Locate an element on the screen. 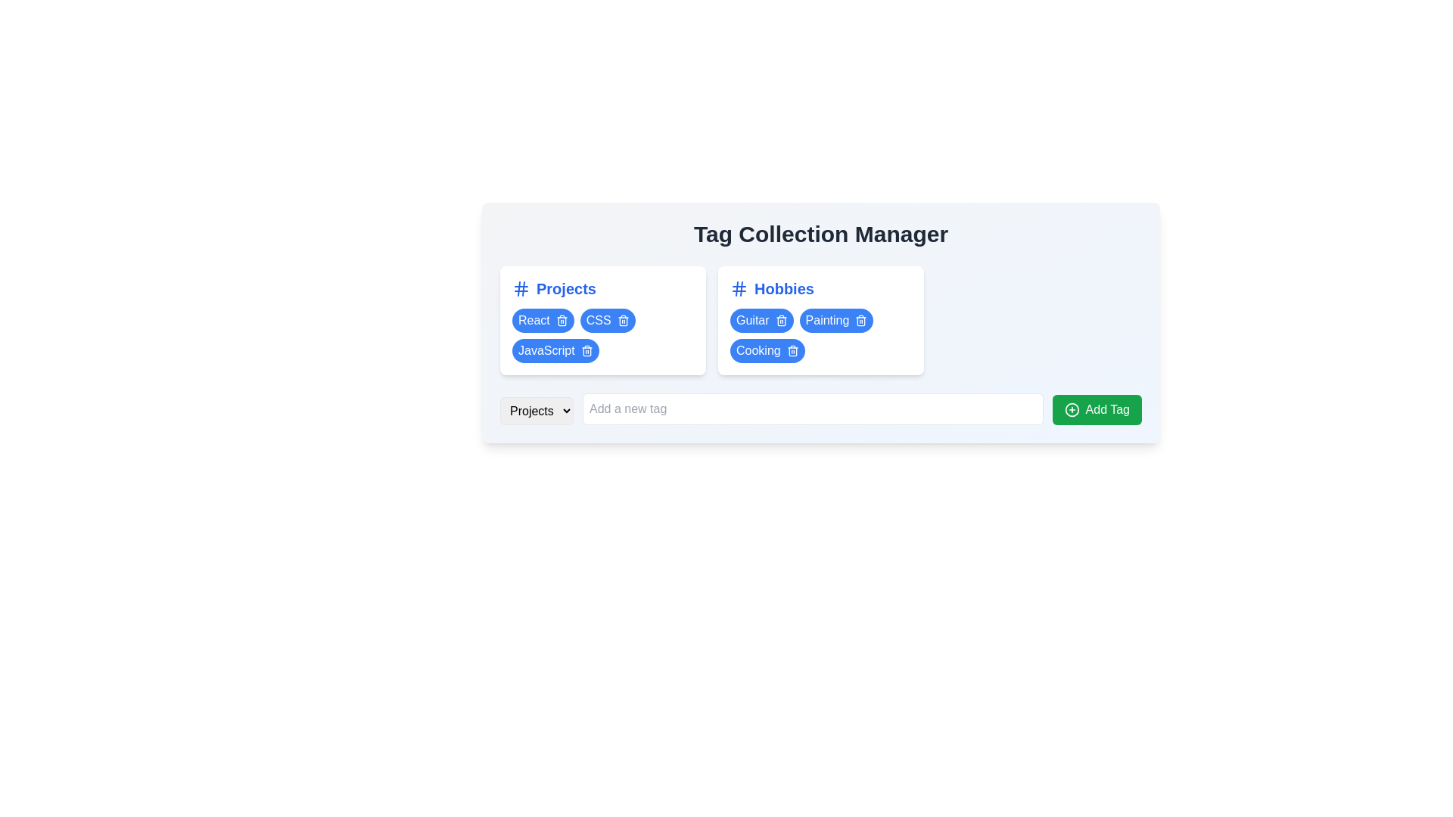  the SVG Circle Element that serves as a structural part of the 'Add' button, located at the far-right side of the input field next to the 'Add Tag' button is located at coordinates (1071, 410).